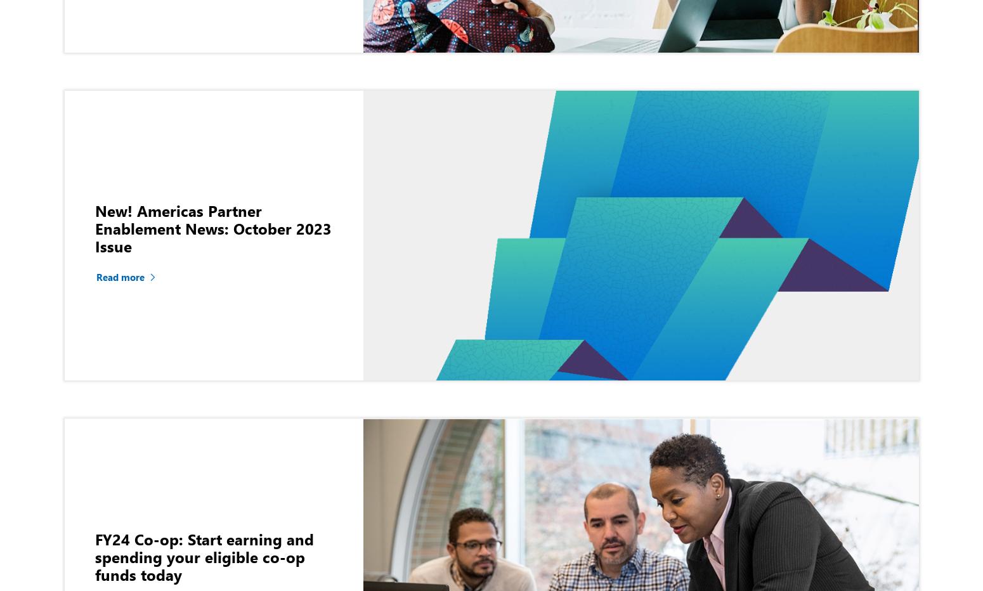  Describe the element at coordinates (881, 138) in the screenshot. I see `'Readiness'` at that location.